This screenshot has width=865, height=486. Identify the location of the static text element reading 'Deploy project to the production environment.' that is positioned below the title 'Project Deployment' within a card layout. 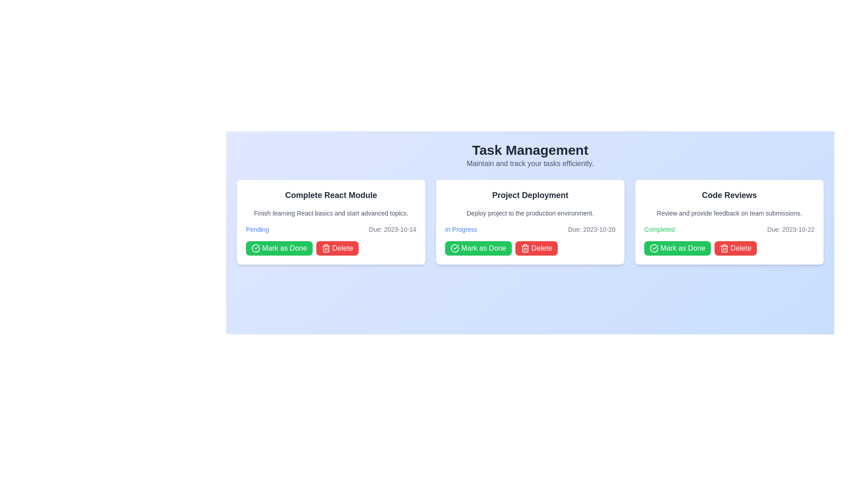
(530, 213).